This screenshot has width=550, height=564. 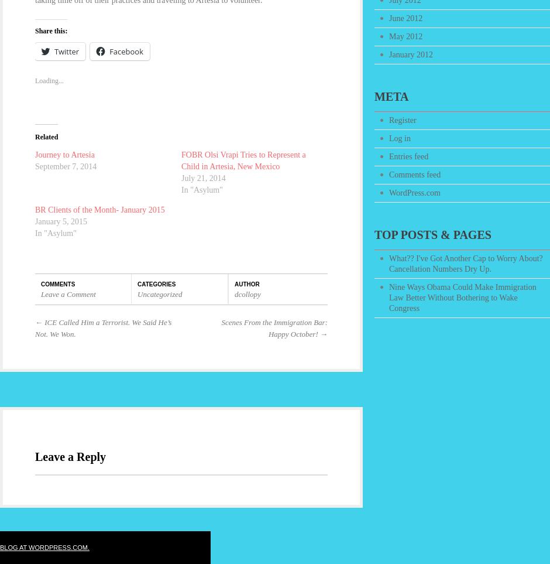 What do you see at coordinates (70, 457) in the screenshot?
I see `'Leave a Reply'` at bounding box center [70, 457].